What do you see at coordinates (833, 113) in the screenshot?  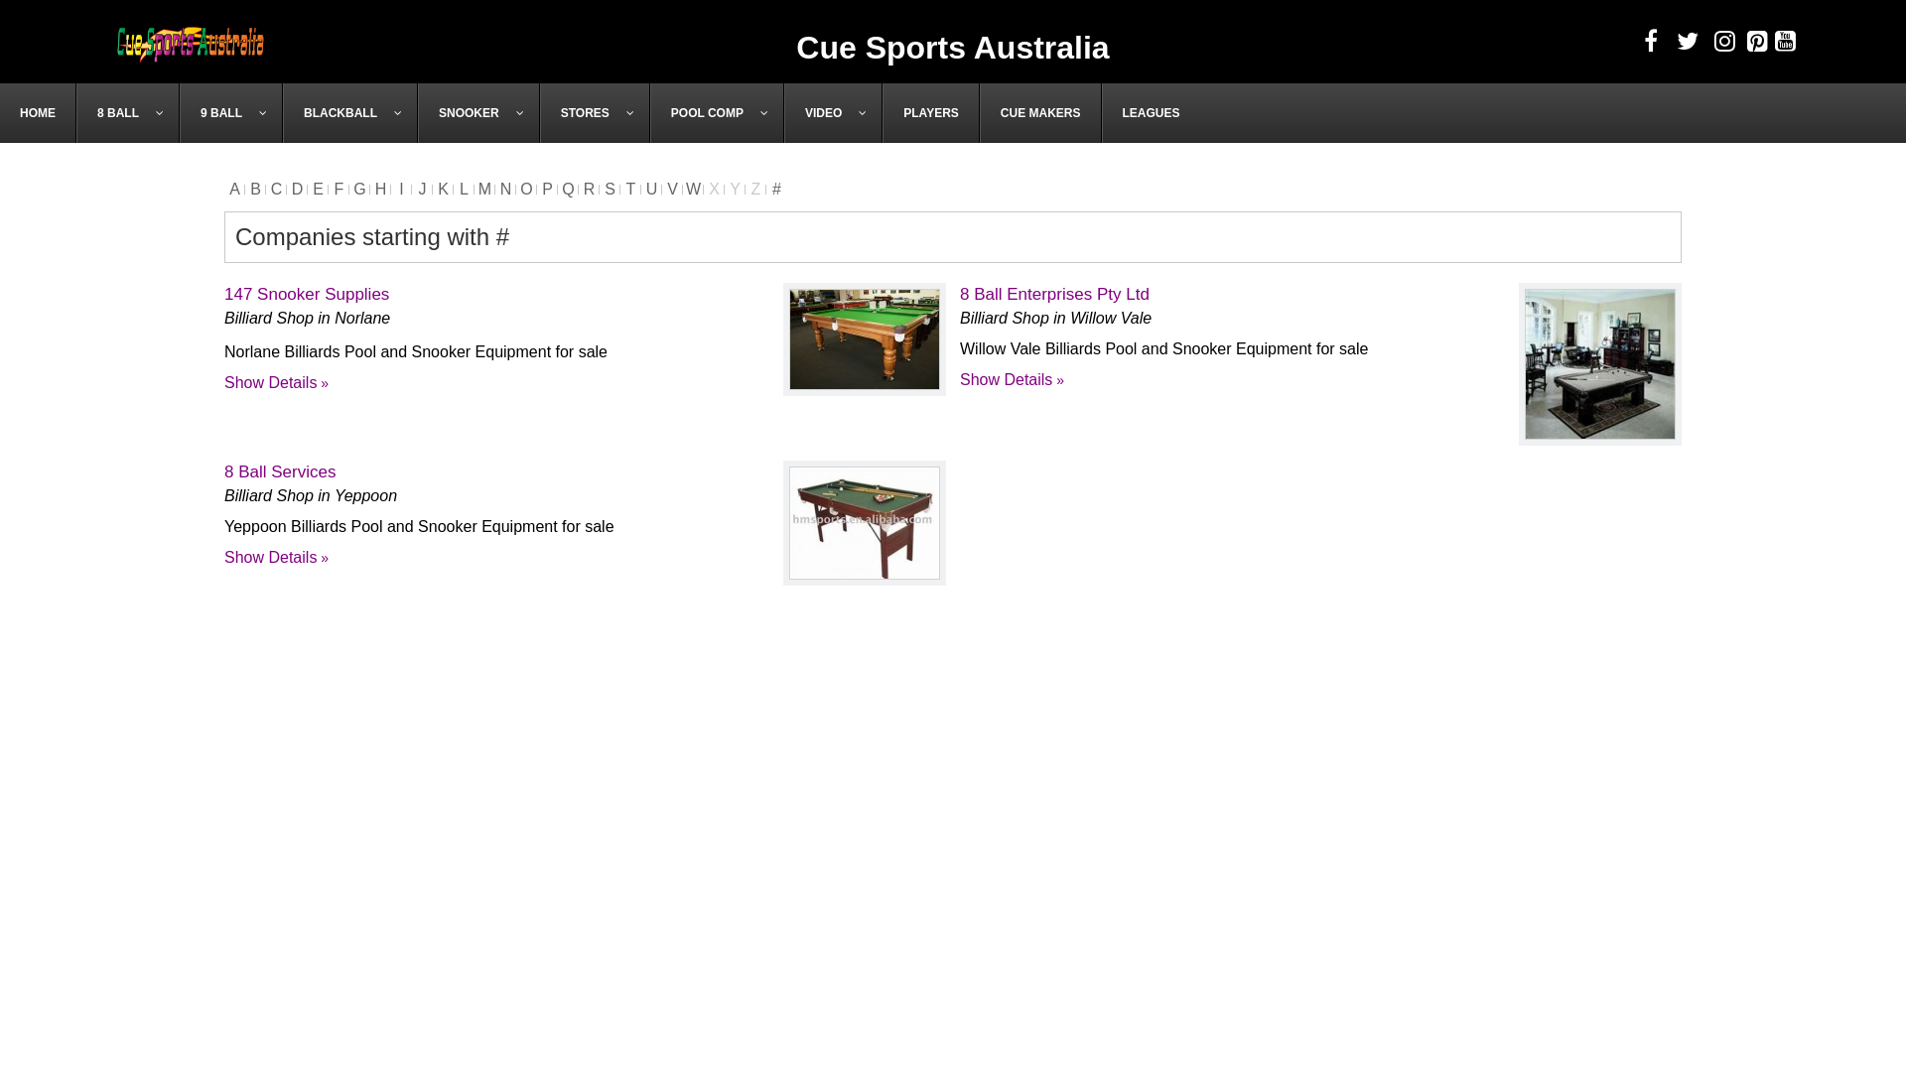 I see `'VIDEO'` at bounding box center [833, 113].